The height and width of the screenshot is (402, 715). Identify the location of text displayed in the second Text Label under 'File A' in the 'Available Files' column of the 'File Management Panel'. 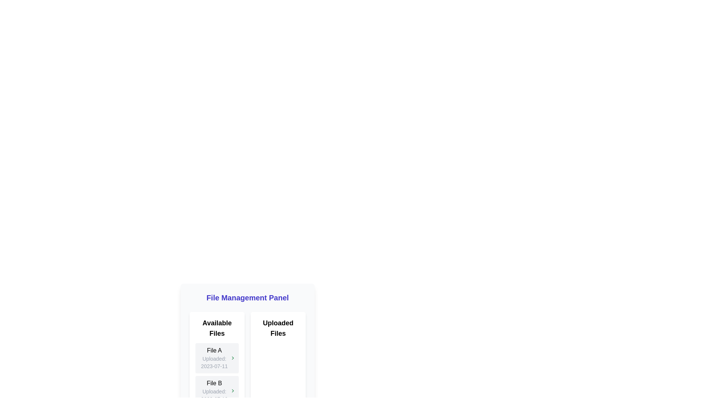
(214, 362).